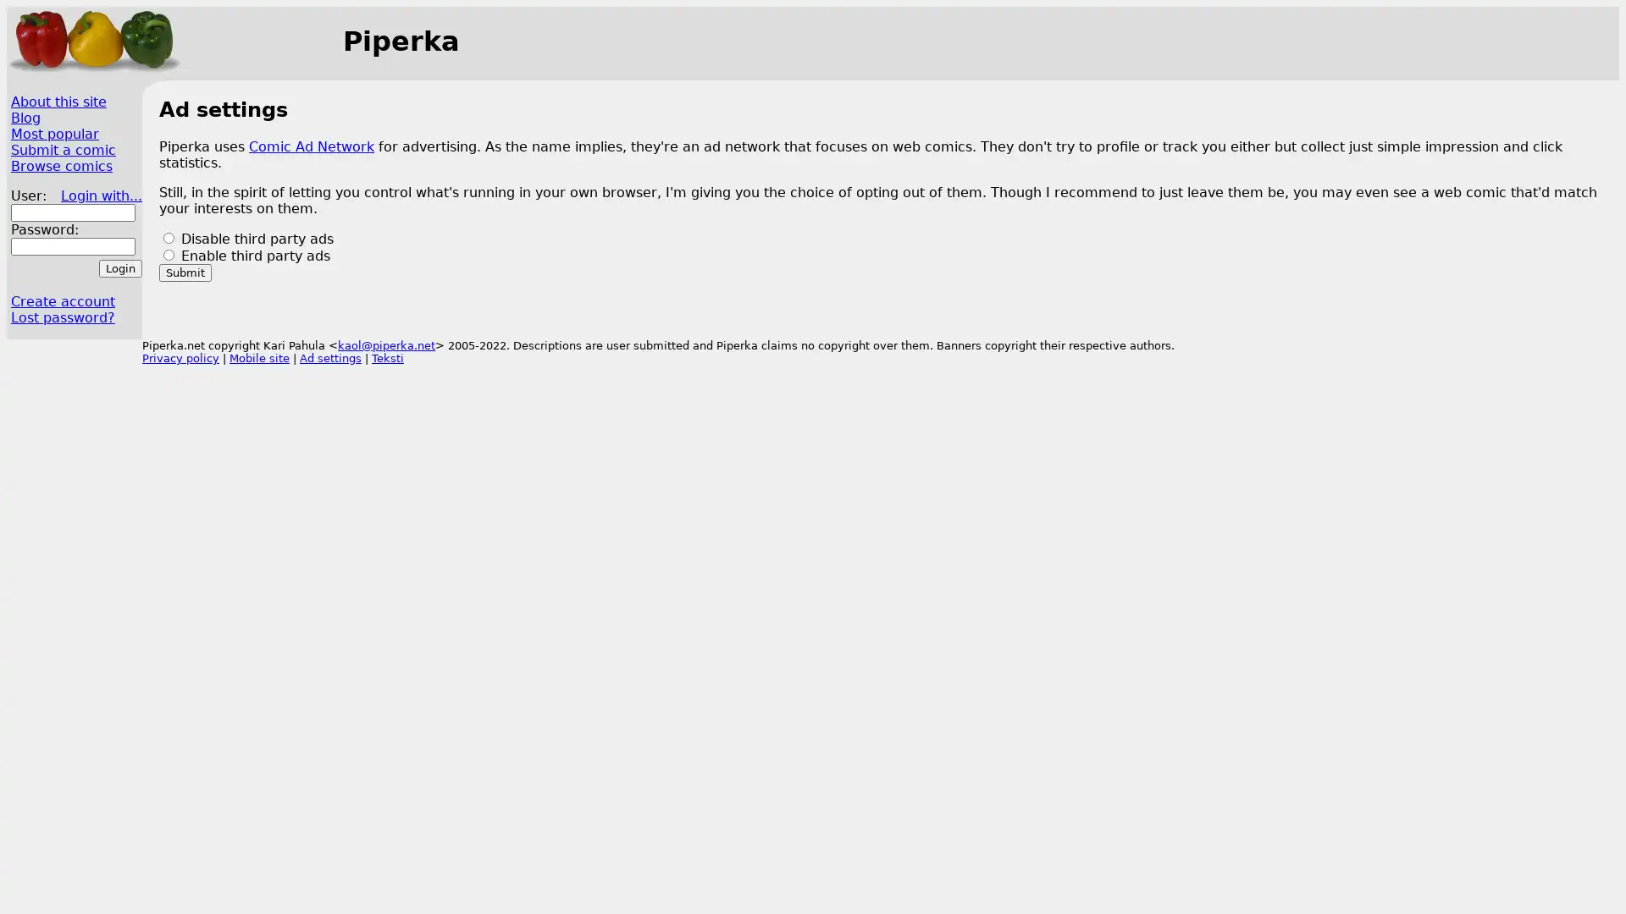  Describe the element at coordinates (185, 271) in the screenshot. I see `Submit` at that location.